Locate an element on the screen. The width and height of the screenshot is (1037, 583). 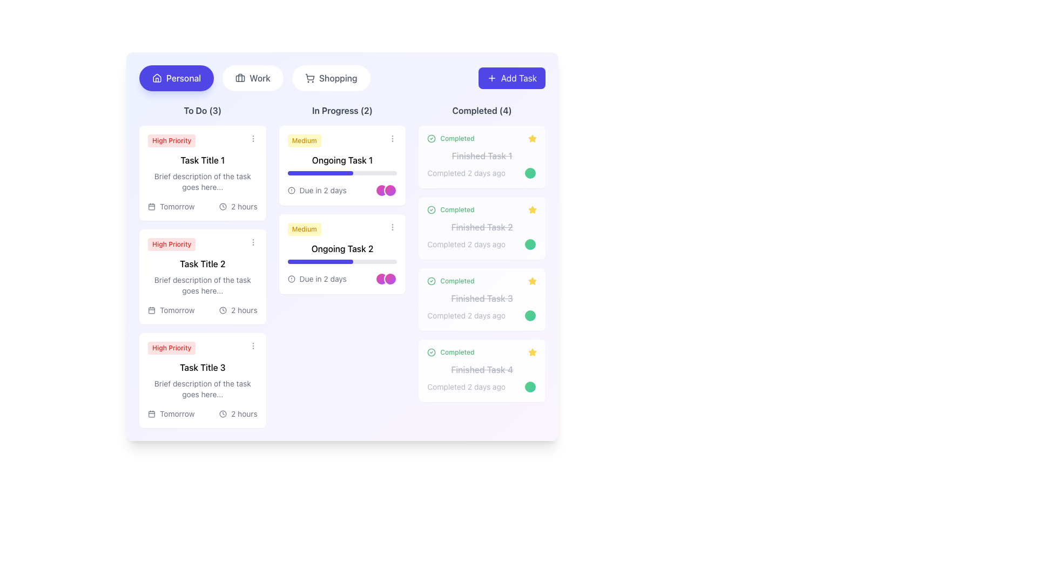
the styled badge indicating the priority level of the task located in the second column under the 'In Progress' section of the dashboard, adjacent to 'Ongoing Task 1' is located at coordinates (304, 140).